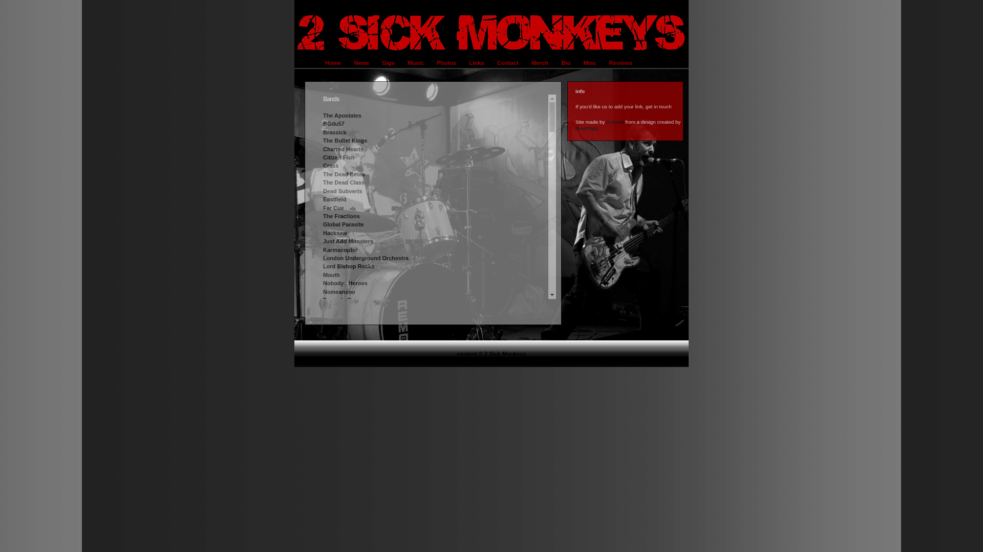 This screenshot has width=983, height=552. What do you see at coordinates (344, 224) in the screenshot?
I see `'Global Parasite'` at bounding box center [344, 224].